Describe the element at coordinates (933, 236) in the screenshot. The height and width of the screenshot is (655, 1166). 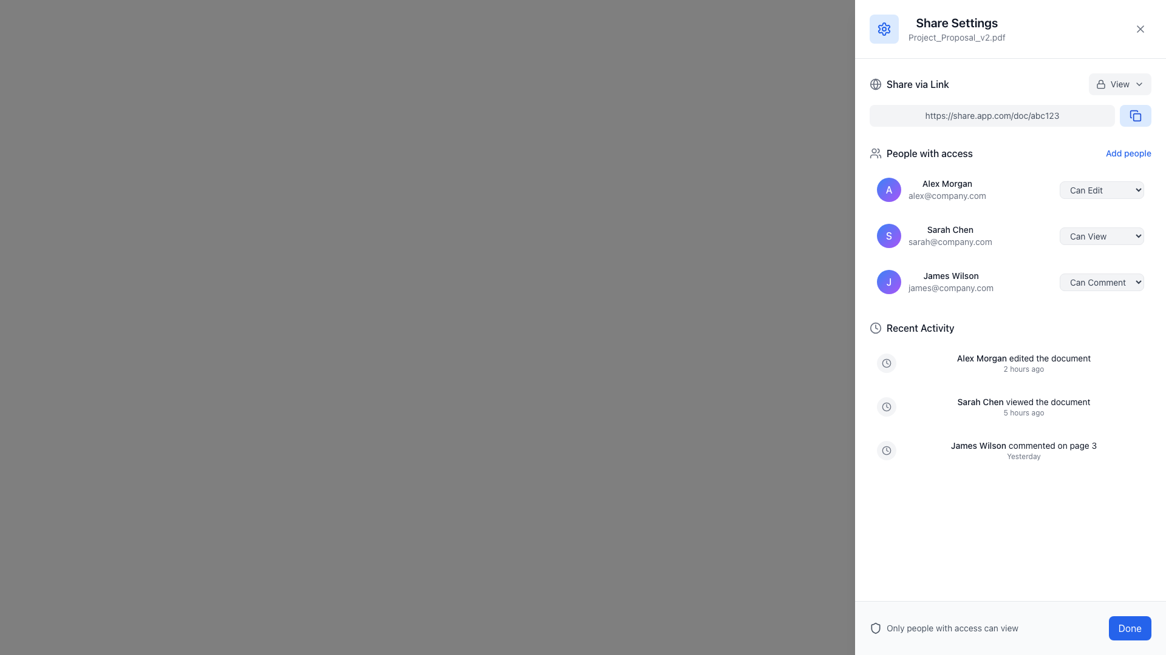
I see `to select the second entry in the 'People with access' list, which displays an individual's name, email, and associated permissions, located directly beneath 'Alex Morgan'` at that location.